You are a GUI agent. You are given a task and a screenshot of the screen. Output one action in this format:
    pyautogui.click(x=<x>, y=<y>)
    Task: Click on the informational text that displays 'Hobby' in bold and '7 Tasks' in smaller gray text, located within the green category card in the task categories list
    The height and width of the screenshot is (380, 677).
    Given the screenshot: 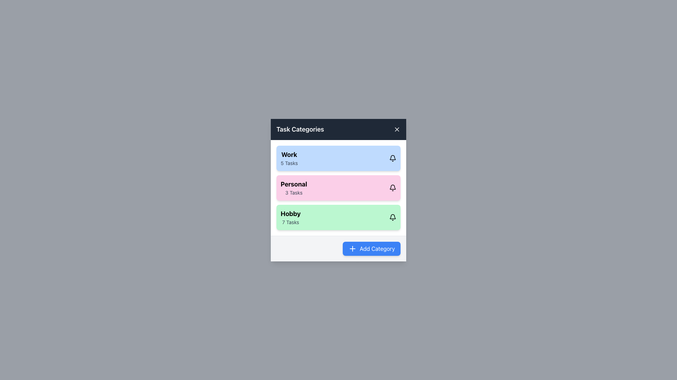 What is the action you would take?
    pyautogui.click(x=291, y=217)
    